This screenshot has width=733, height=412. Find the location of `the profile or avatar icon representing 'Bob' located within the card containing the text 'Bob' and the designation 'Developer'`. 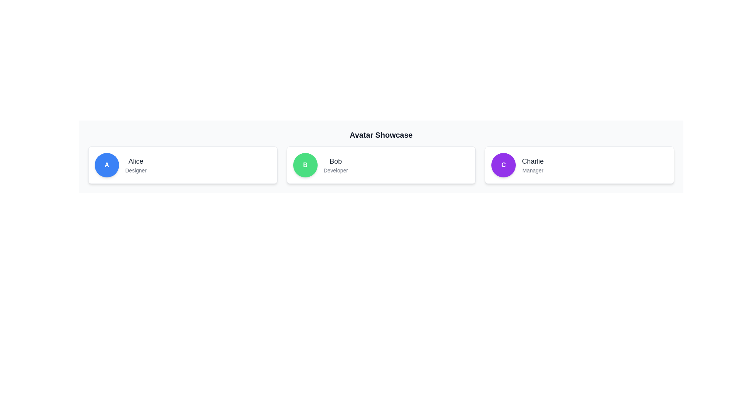

the profile or avatar icon representing 'Bob' located within the card containing the text 'Bob' and the designation 'Developer' is located at coordinates (305, 164).